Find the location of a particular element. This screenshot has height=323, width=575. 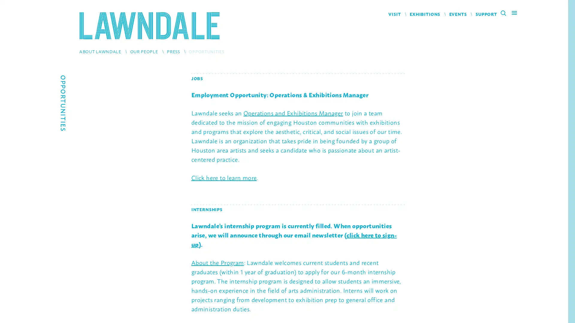

Main Menu is located at coordinates (514, 14).